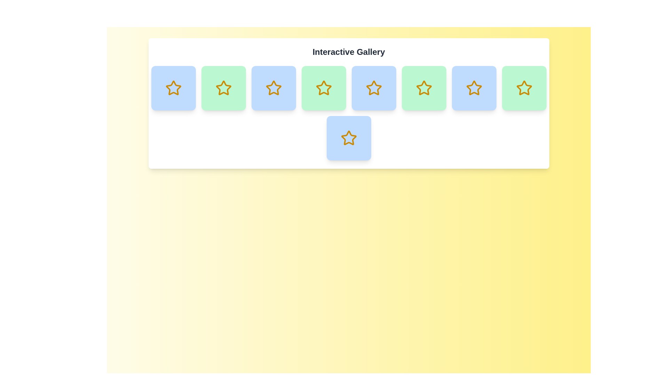 This screenshot has width=668, height=375. Describe the element at coordinates (349, 138) in the screenshot. I see `the seventh image tile with a soft blue background and a yellow star icon for further interaction` at that location.